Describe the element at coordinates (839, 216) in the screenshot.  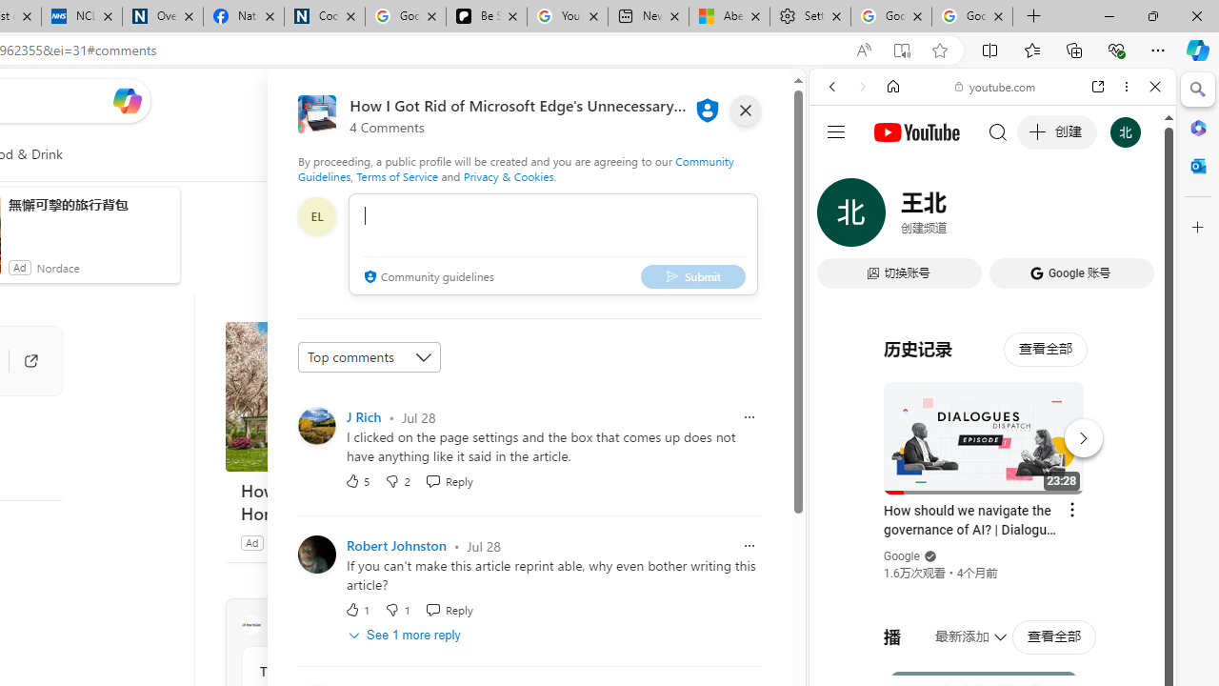
I see `'Search Filter, WEB'` at that location.